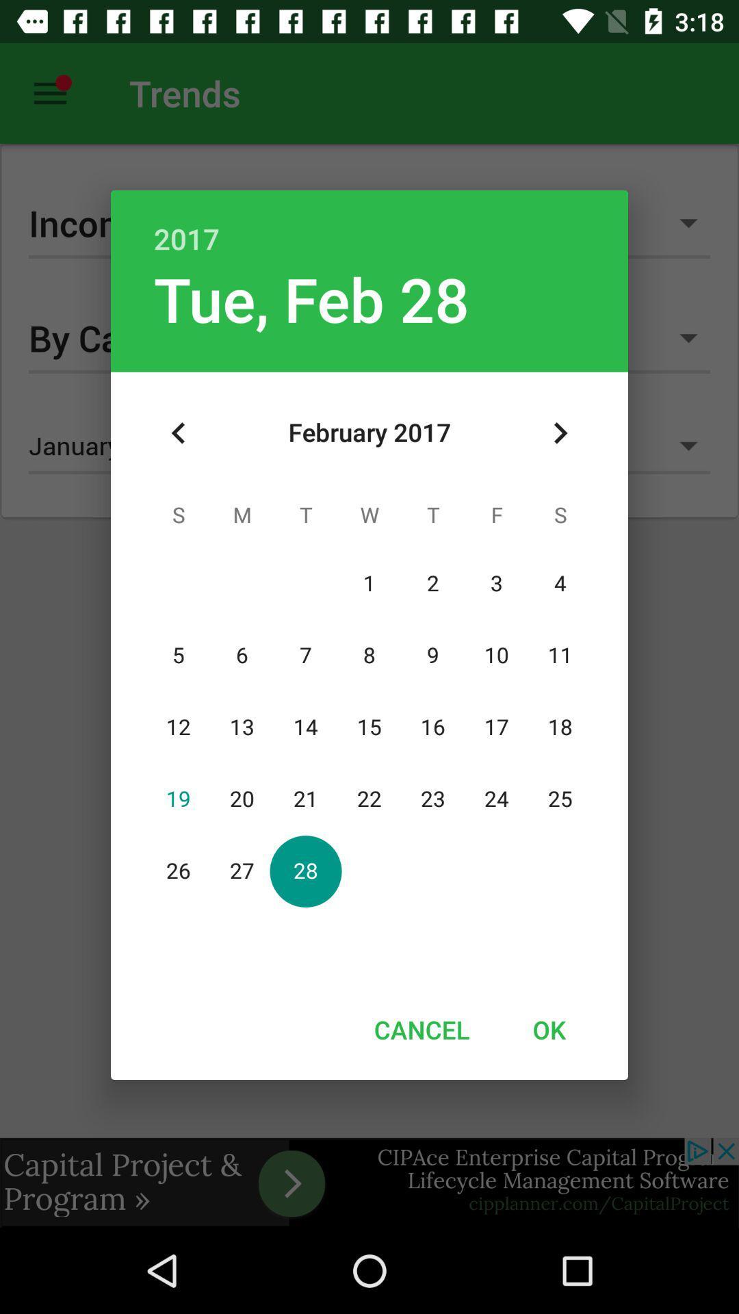 The height and width of the screenshot is (1314, 739). What do you see at coordinates (369, 224) in the screenshot?
I see `the 2017 item` at bounding box center [369, 224].